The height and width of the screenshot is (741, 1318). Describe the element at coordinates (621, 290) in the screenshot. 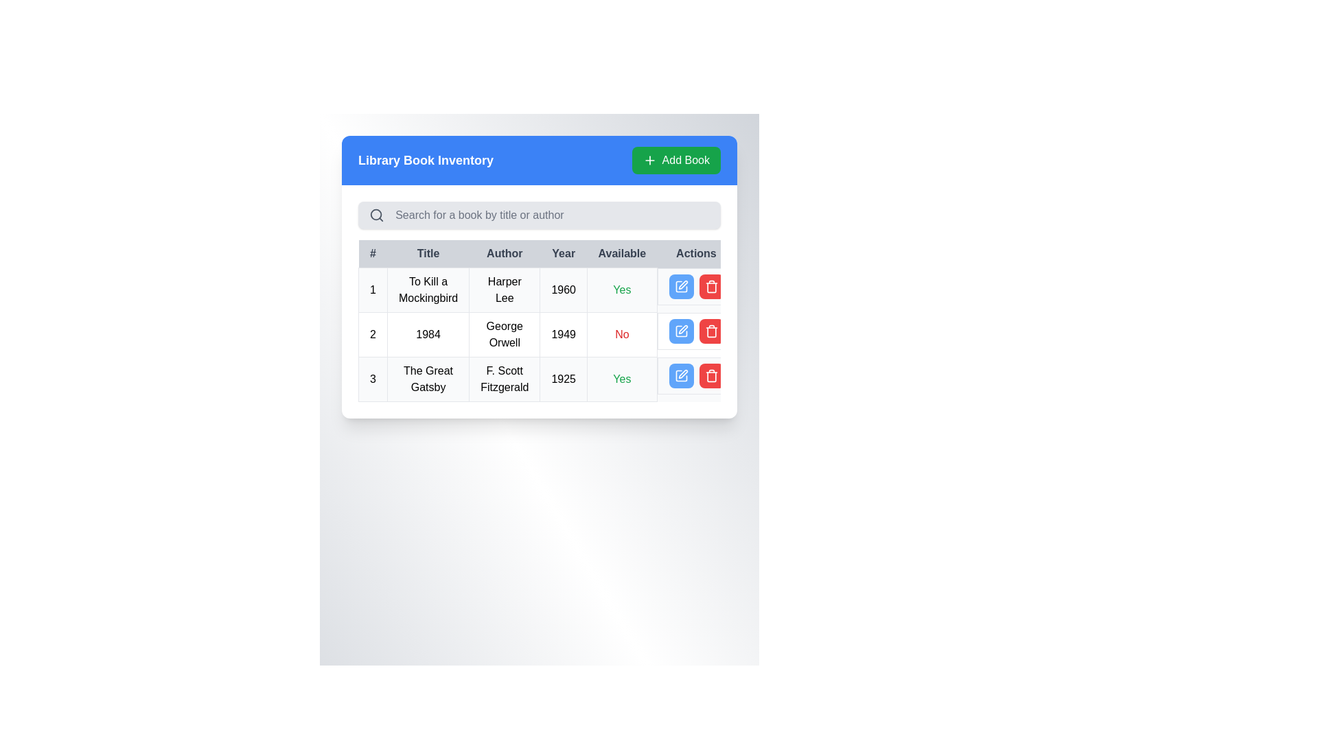

I see `the text element indicating the availability status of a book, located in the last column labeled 'Available' of the first row in the table` at that location.